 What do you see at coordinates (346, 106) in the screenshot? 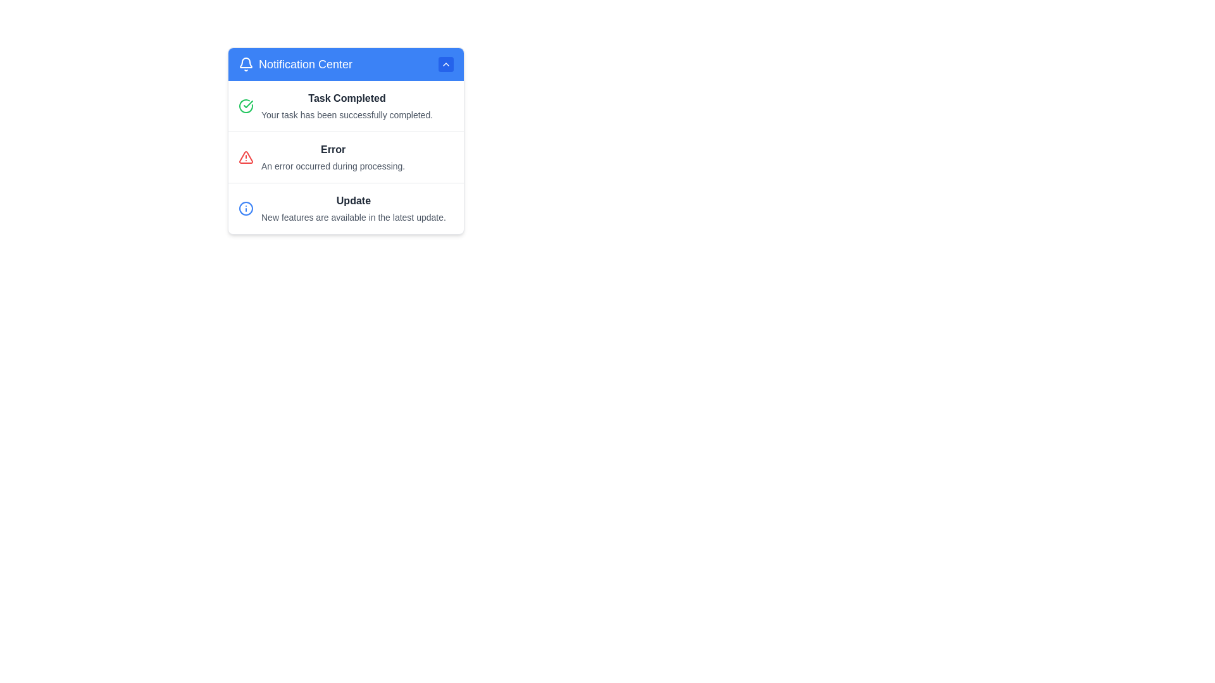
I see `the Notification Item that indicates a task has been successfully completed, located at the top of the Notification Center list` at bounding box center [346, 106].